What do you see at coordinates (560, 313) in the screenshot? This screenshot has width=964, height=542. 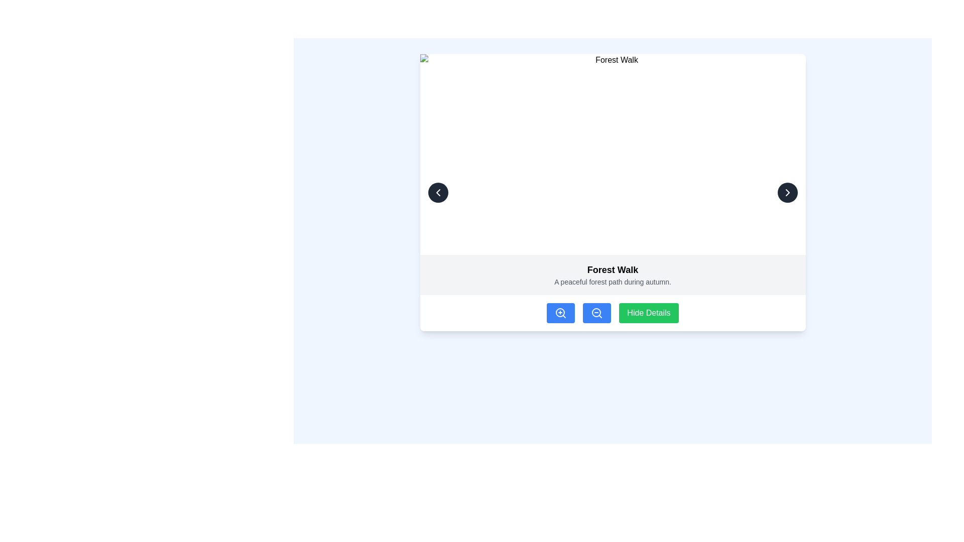 I see `the blue rectangular button with a white magnifying glass icon and a plus sign, located below the 'Forest Walk' heading, to zoom in` at bounding box center [560, 313].